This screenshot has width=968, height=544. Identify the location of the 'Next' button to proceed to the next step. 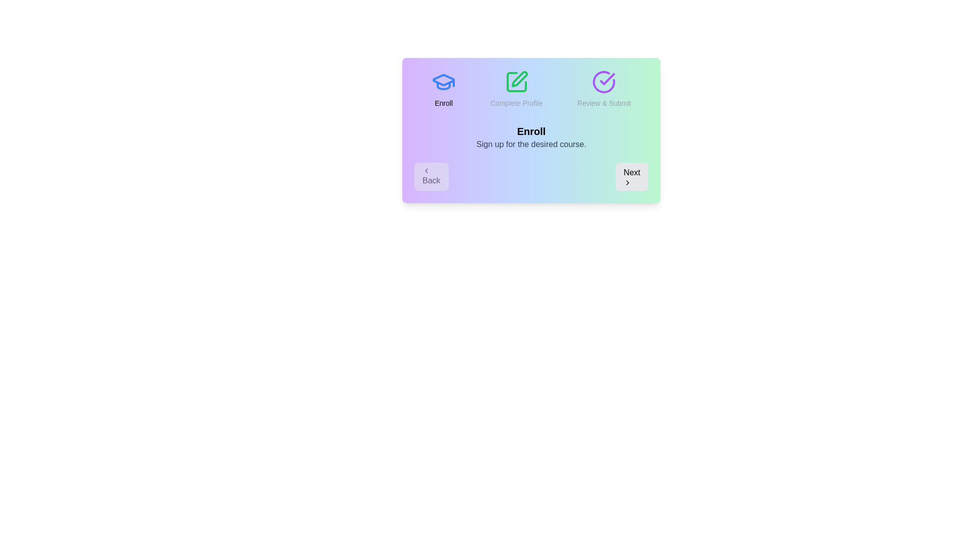
(631, 176).